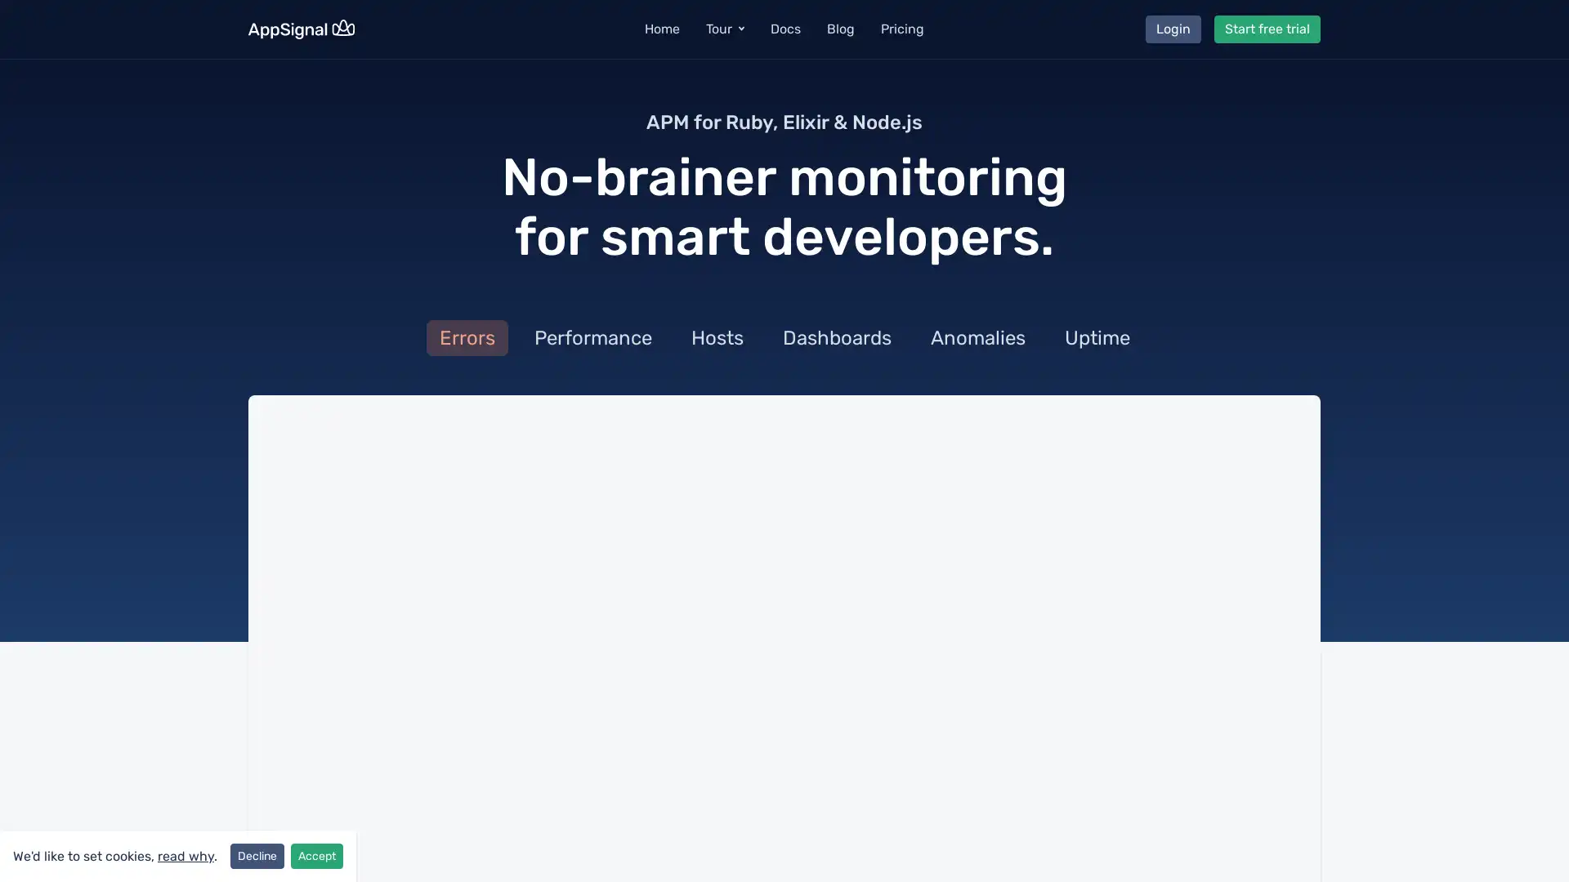 This screenshot has height=882, width=1569. Describe the element at coordinates (836, 336) in the screenshot. I see `Dashboards` at that location.